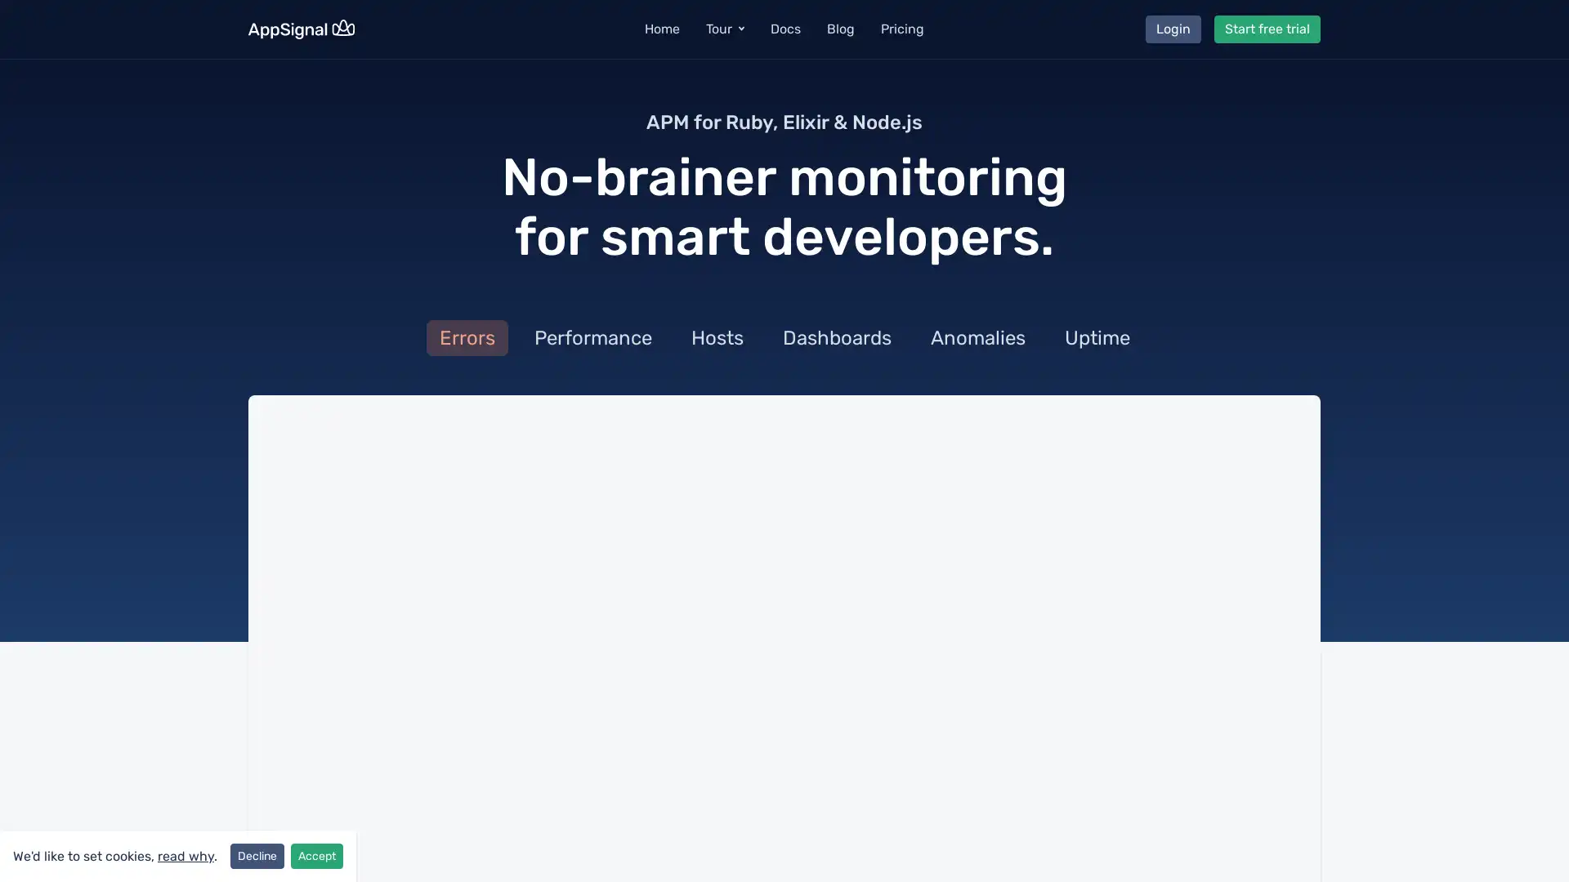 This screenshot has height=882, width=1569. Describe the element at coordinates (836, 336) in the screenshot. I see `Dashboards` at that location.